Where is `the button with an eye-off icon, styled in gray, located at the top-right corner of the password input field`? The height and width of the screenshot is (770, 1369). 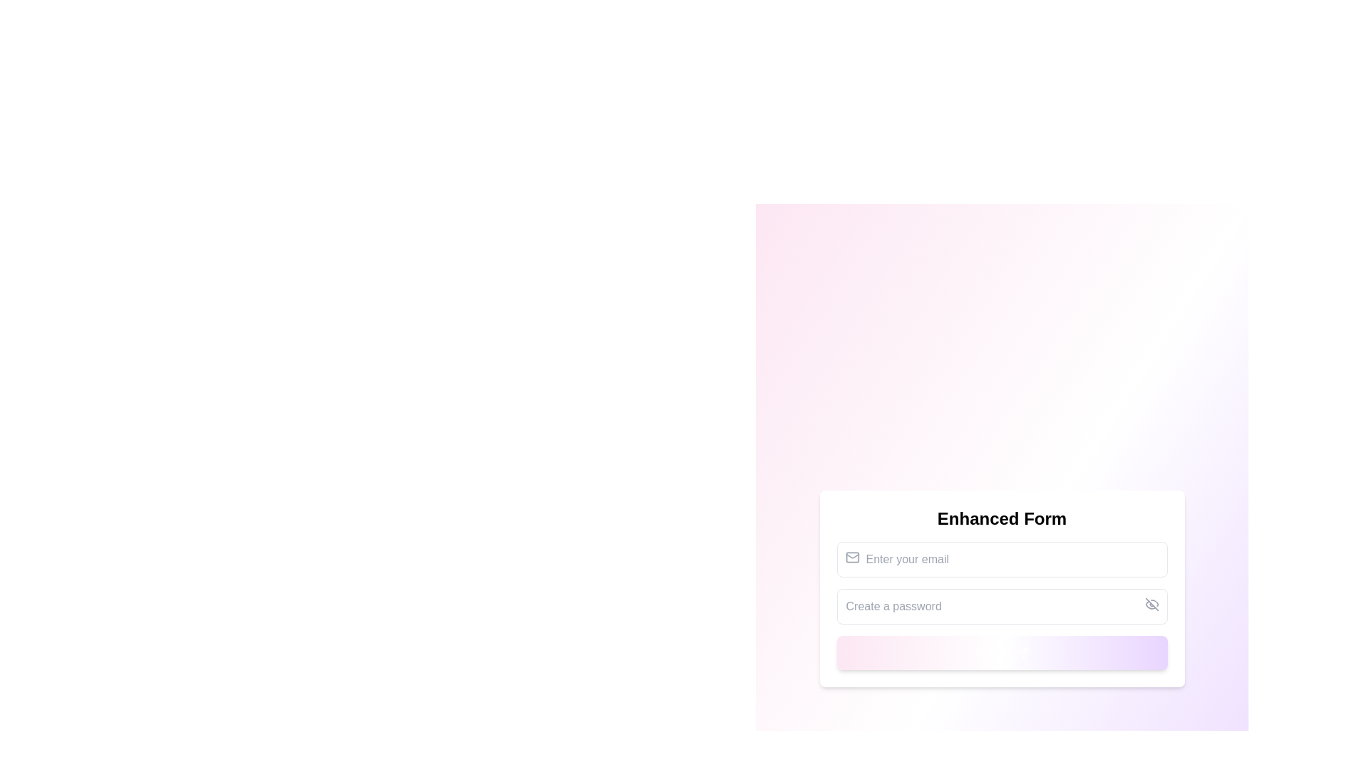 the button with an eye-off icon, styled in gray, located at the top-right corner of the password input field is located at coordinates (1152, 605).